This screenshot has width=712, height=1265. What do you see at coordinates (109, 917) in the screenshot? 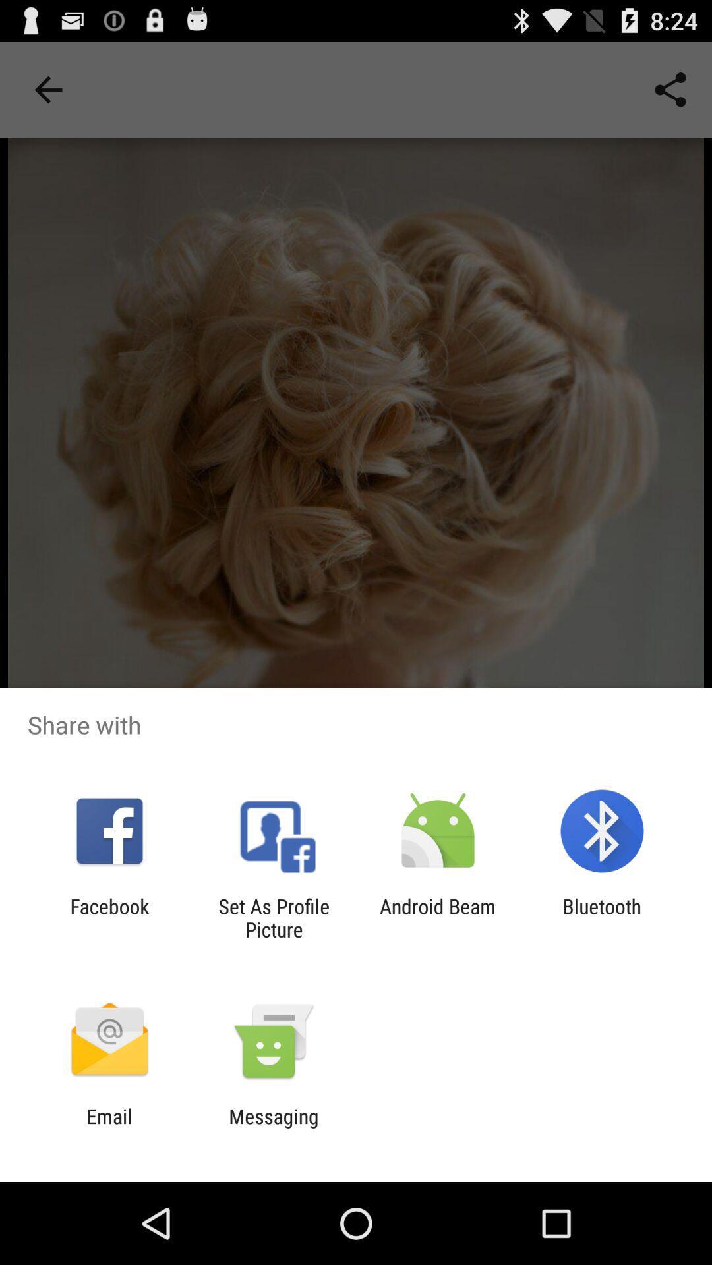
I see `the icon next to set as profile app` at bounding box center [109, 917].